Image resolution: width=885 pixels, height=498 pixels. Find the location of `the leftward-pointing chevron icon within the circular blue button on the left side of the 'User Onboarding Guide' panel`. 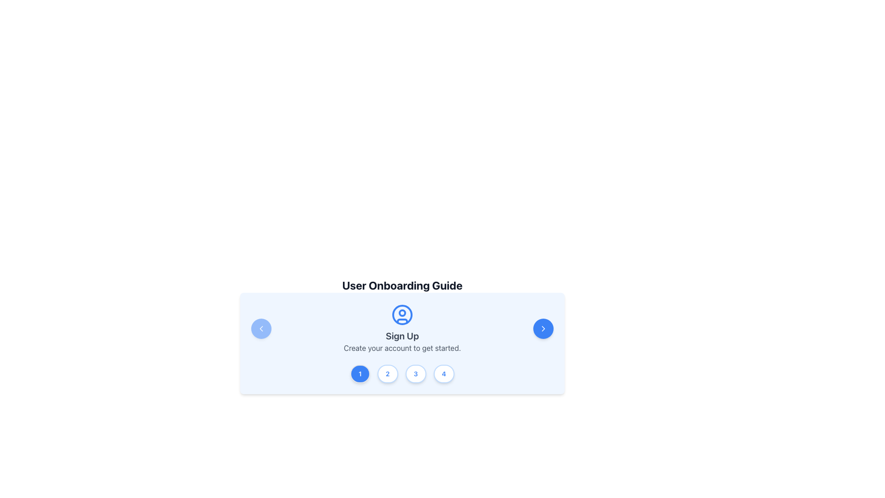

the leftward-pointing chevron icon within the circular blue button on the left side of the 'User Onboarding Guide' panel is located at coordinates (260, 328).